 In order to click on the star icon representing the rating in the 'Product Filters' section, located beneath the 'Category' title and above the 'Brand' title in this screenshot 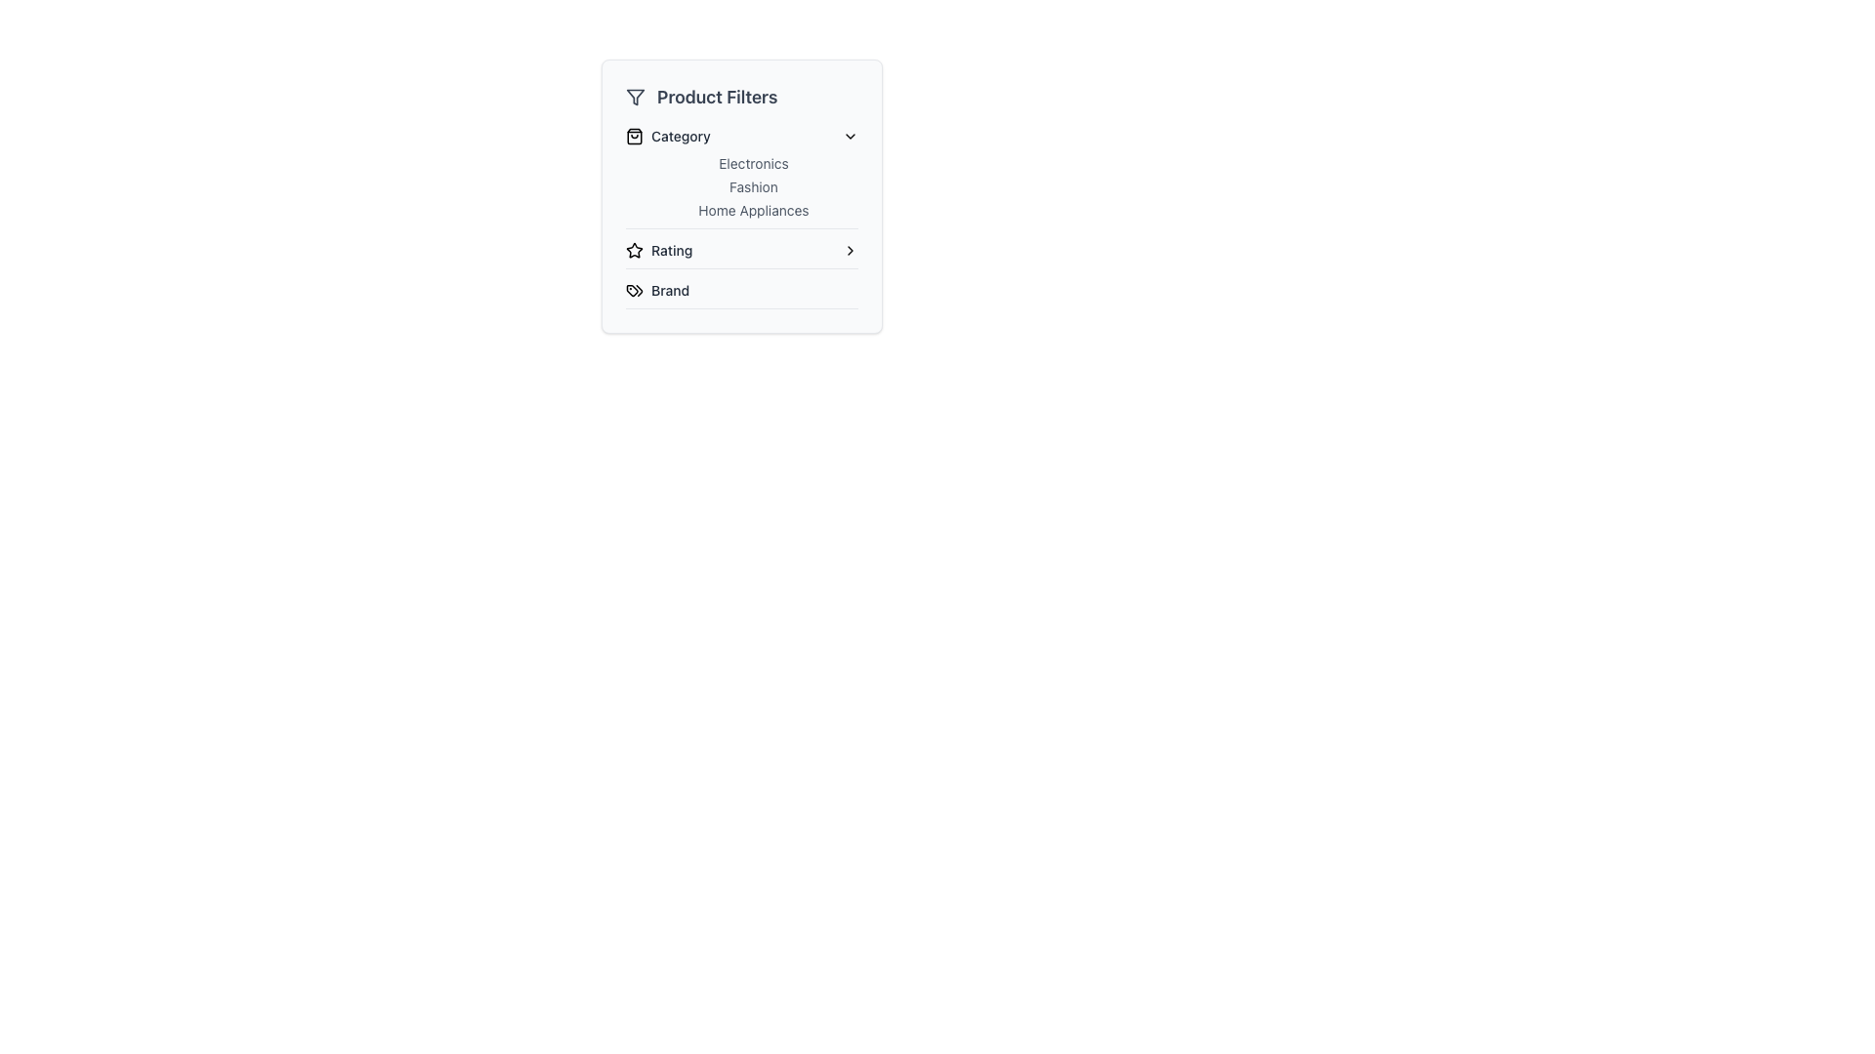, I will do `click(634, 249)`.